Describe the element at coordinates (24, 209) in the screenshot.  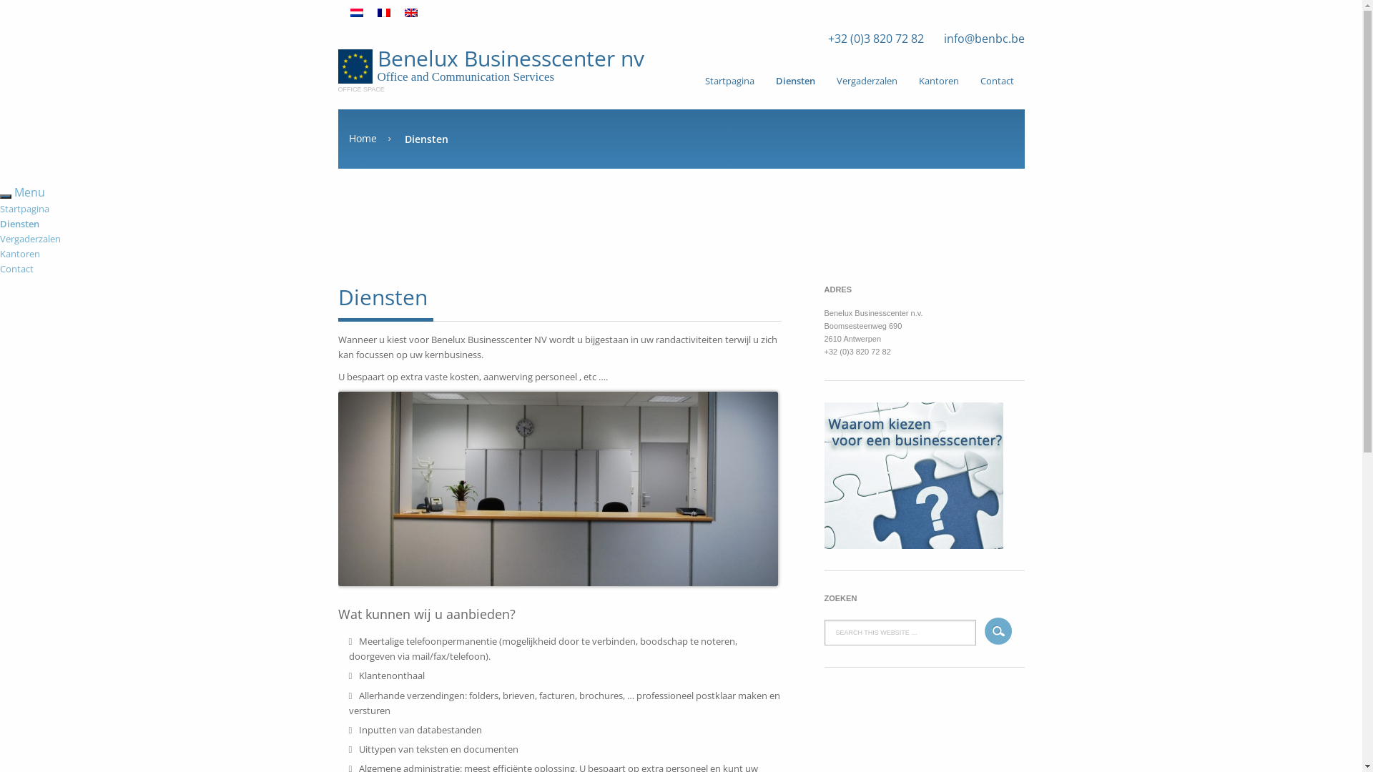
I see `'Startpagina'` at that location.